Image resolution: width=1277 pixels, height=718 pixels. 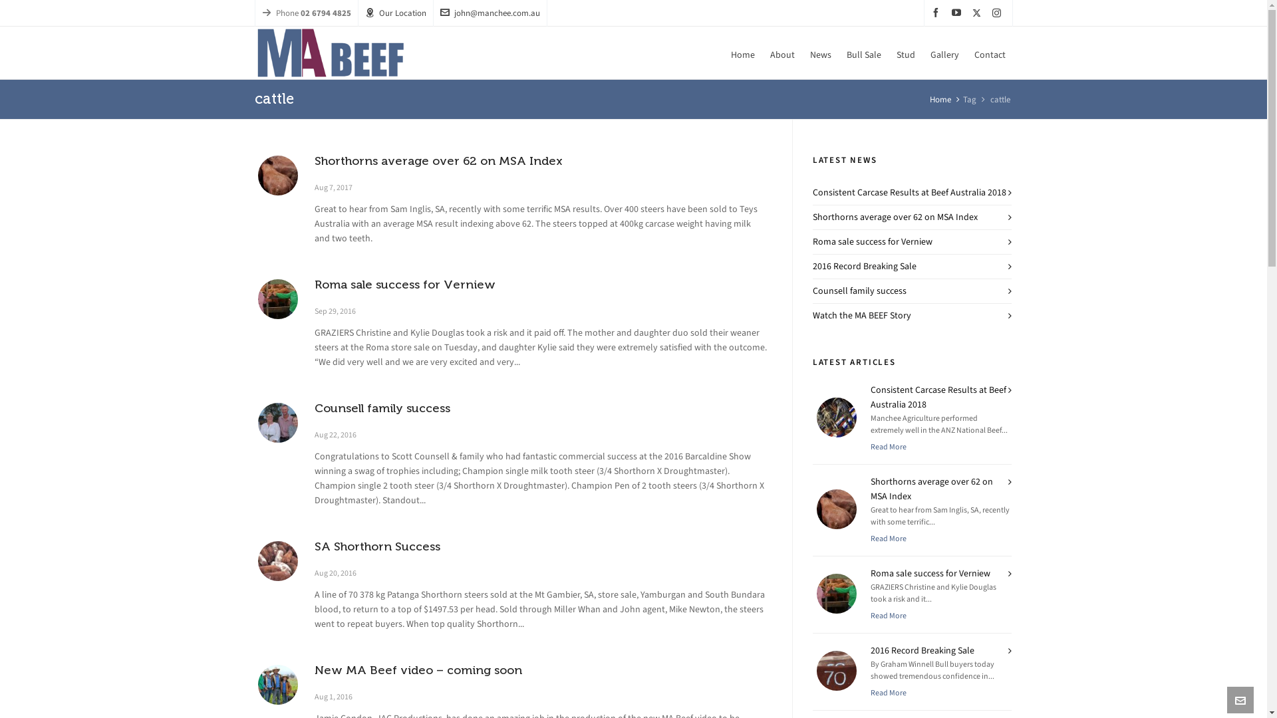 What do you see at coordinates (944, 53) in the screenshot?
I see `'Gallery'` at bounding box center [944, 53].